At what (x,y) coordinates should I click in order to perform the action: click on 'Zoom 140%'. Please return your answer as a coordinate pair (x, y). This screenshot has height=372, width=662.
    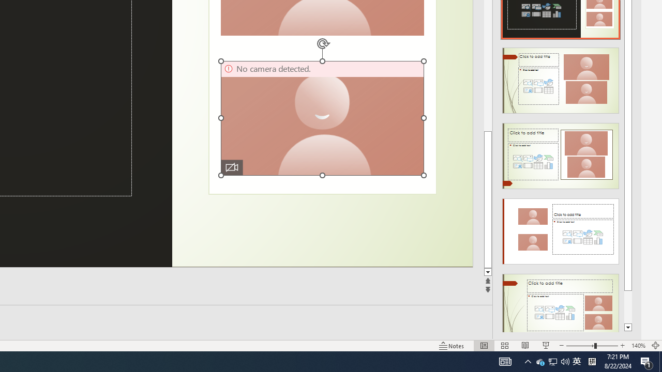
    Looking at the image, I should click on (638, 346).